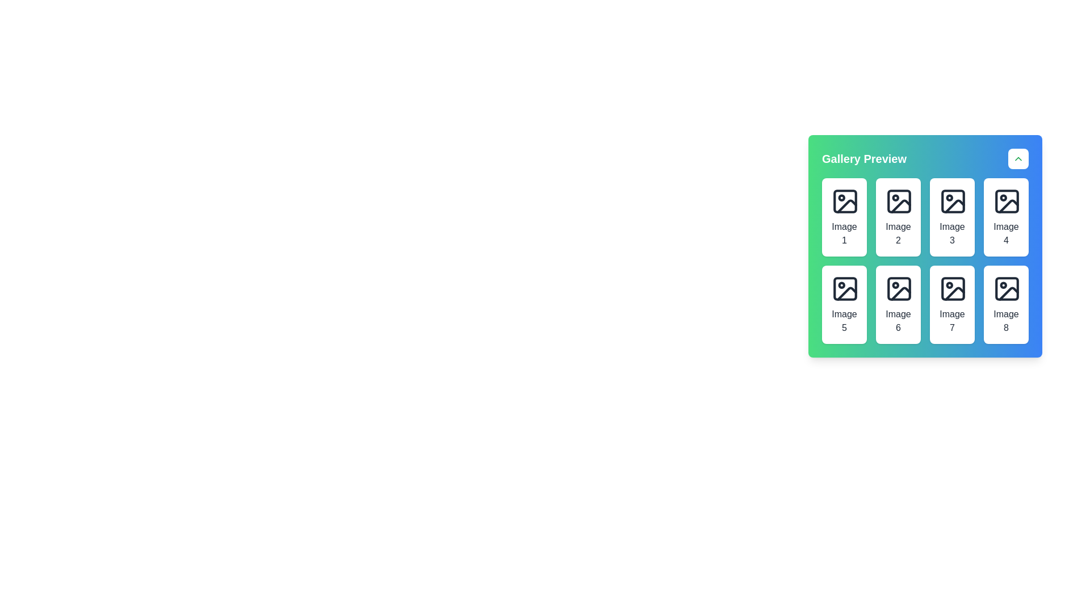 The width and height of the screenshot is (1090, 613). Describe the element at coordinates (1018, 159) in the screenshot. I see `the chevron-up icon located in the upper-right corner of the 'Gallery Preview' panel, which is in a white circular button with a green outline` at that location.